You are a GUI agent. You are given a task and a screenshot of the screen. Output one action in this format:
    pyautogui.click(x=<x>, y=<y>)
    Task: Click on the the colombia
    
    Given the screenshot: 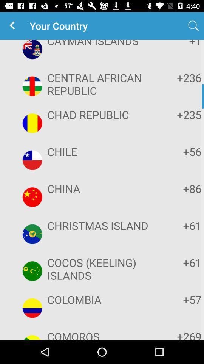 What is the action you would take?
    pyautogui.click(x=101, y=299)
    